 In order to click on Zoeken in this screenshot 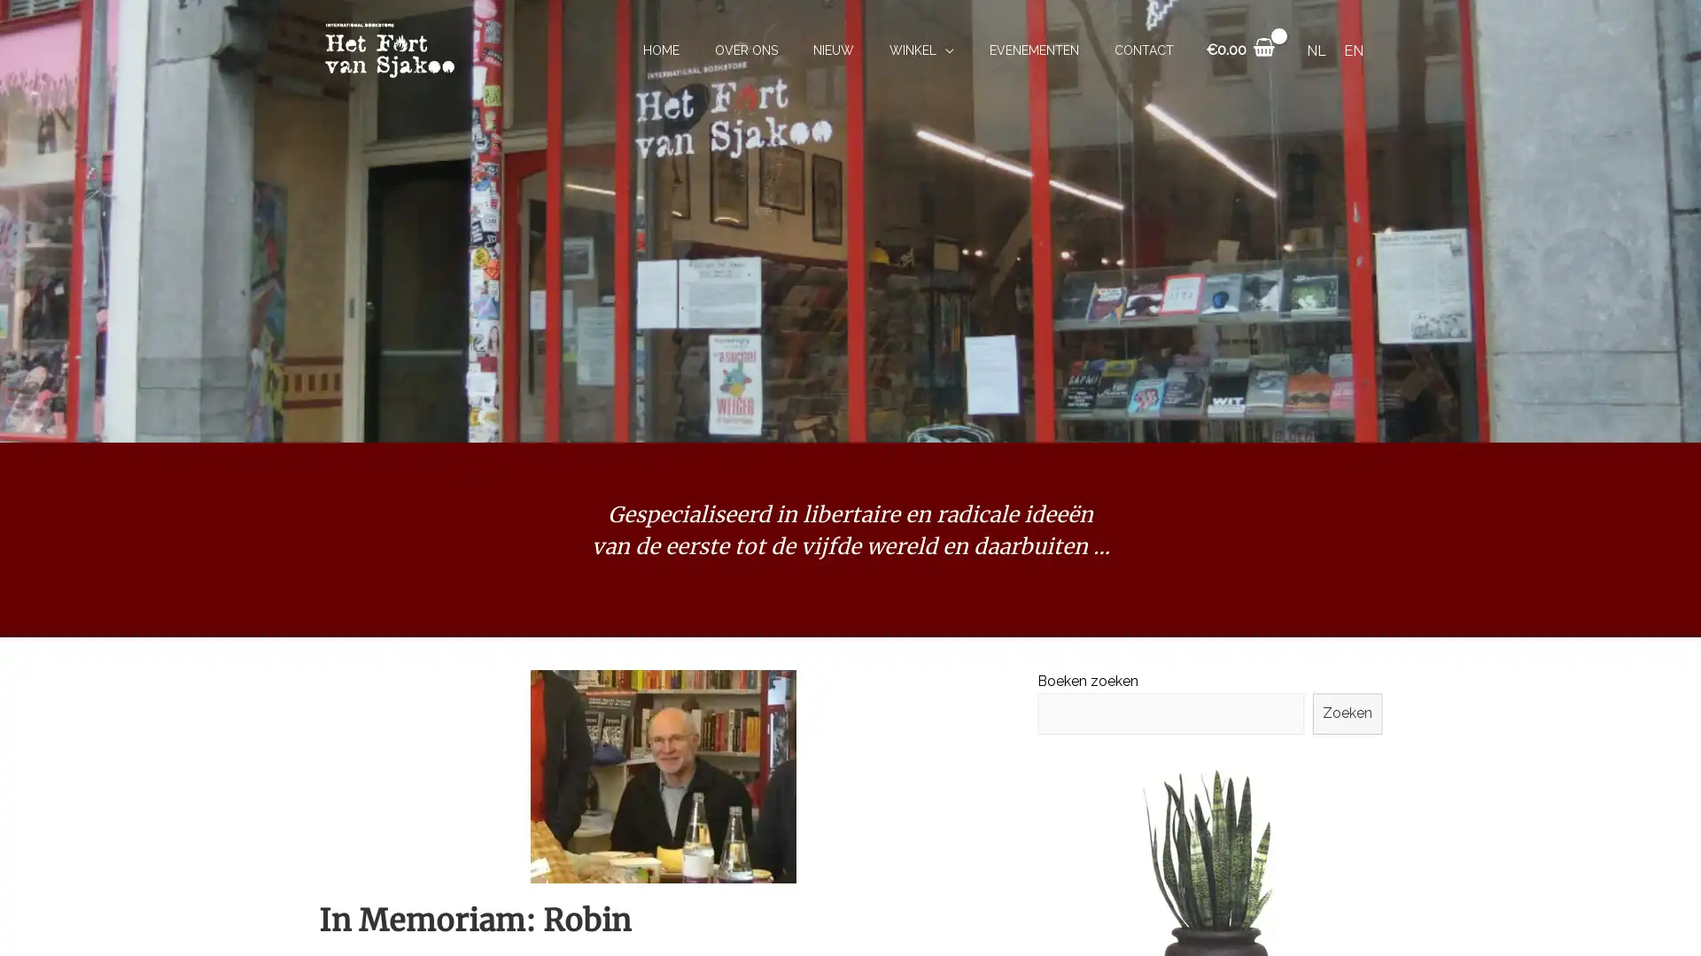, I will do `click(1347, 713)`.